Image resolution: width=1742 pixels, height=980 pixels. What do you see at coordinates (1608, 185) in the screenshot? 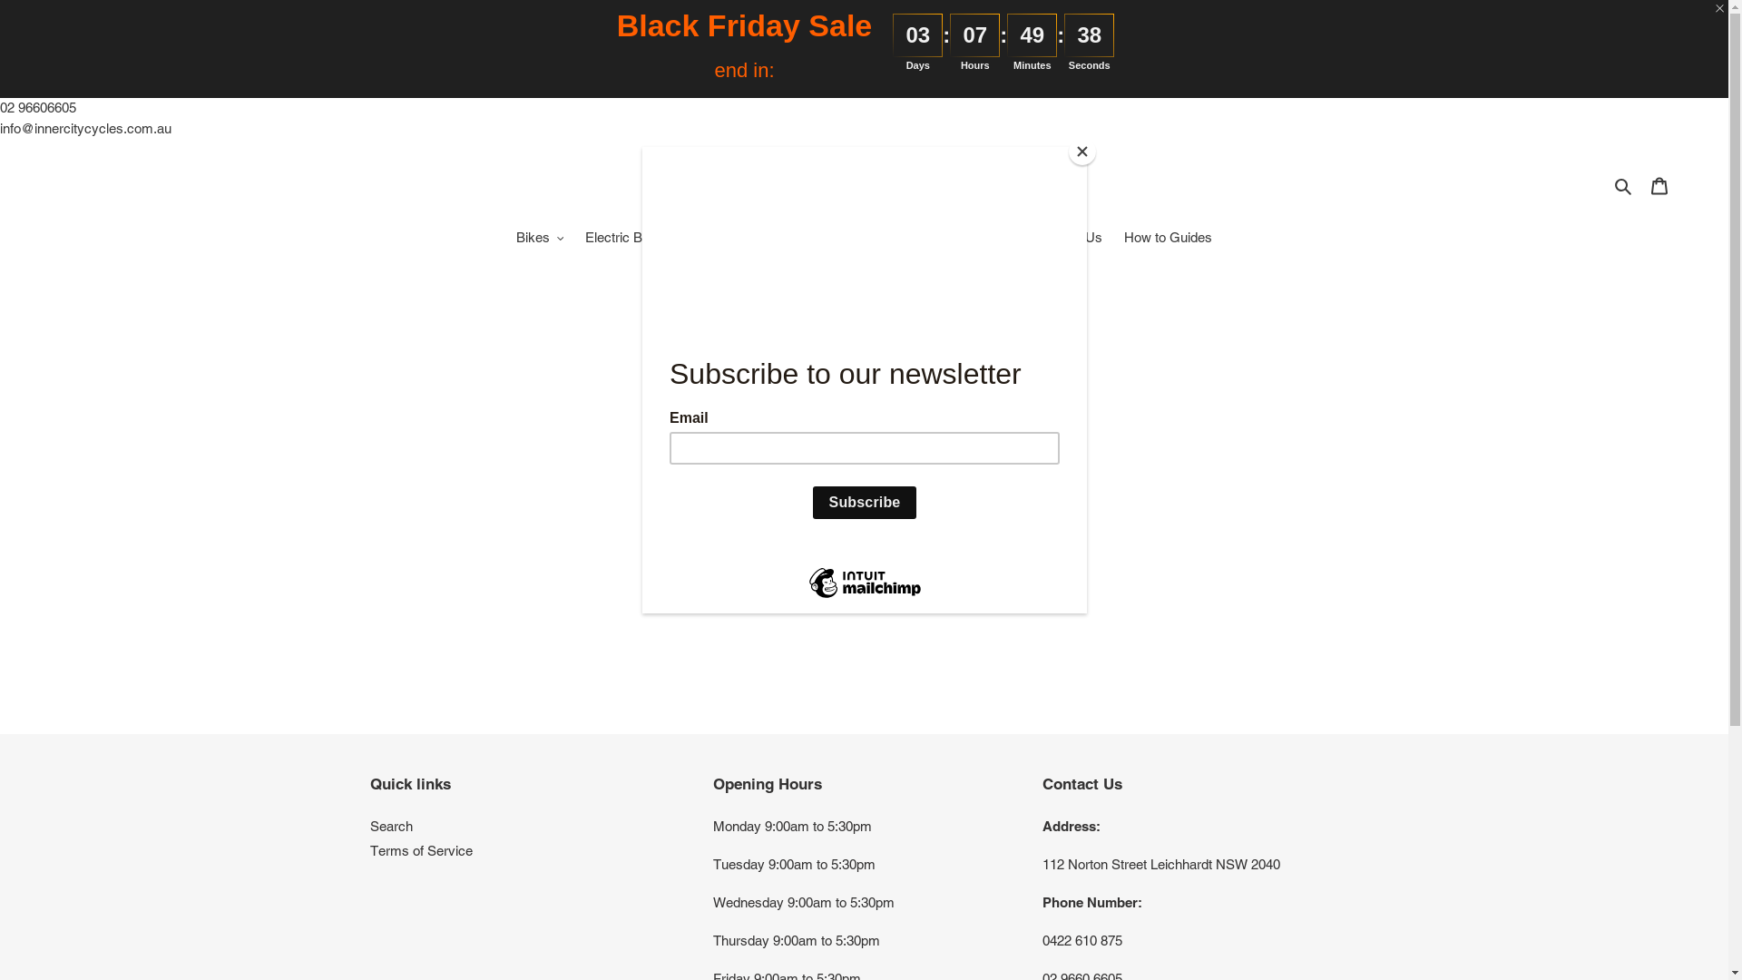
I see `'Search'` at bounding box center [1608, 185].